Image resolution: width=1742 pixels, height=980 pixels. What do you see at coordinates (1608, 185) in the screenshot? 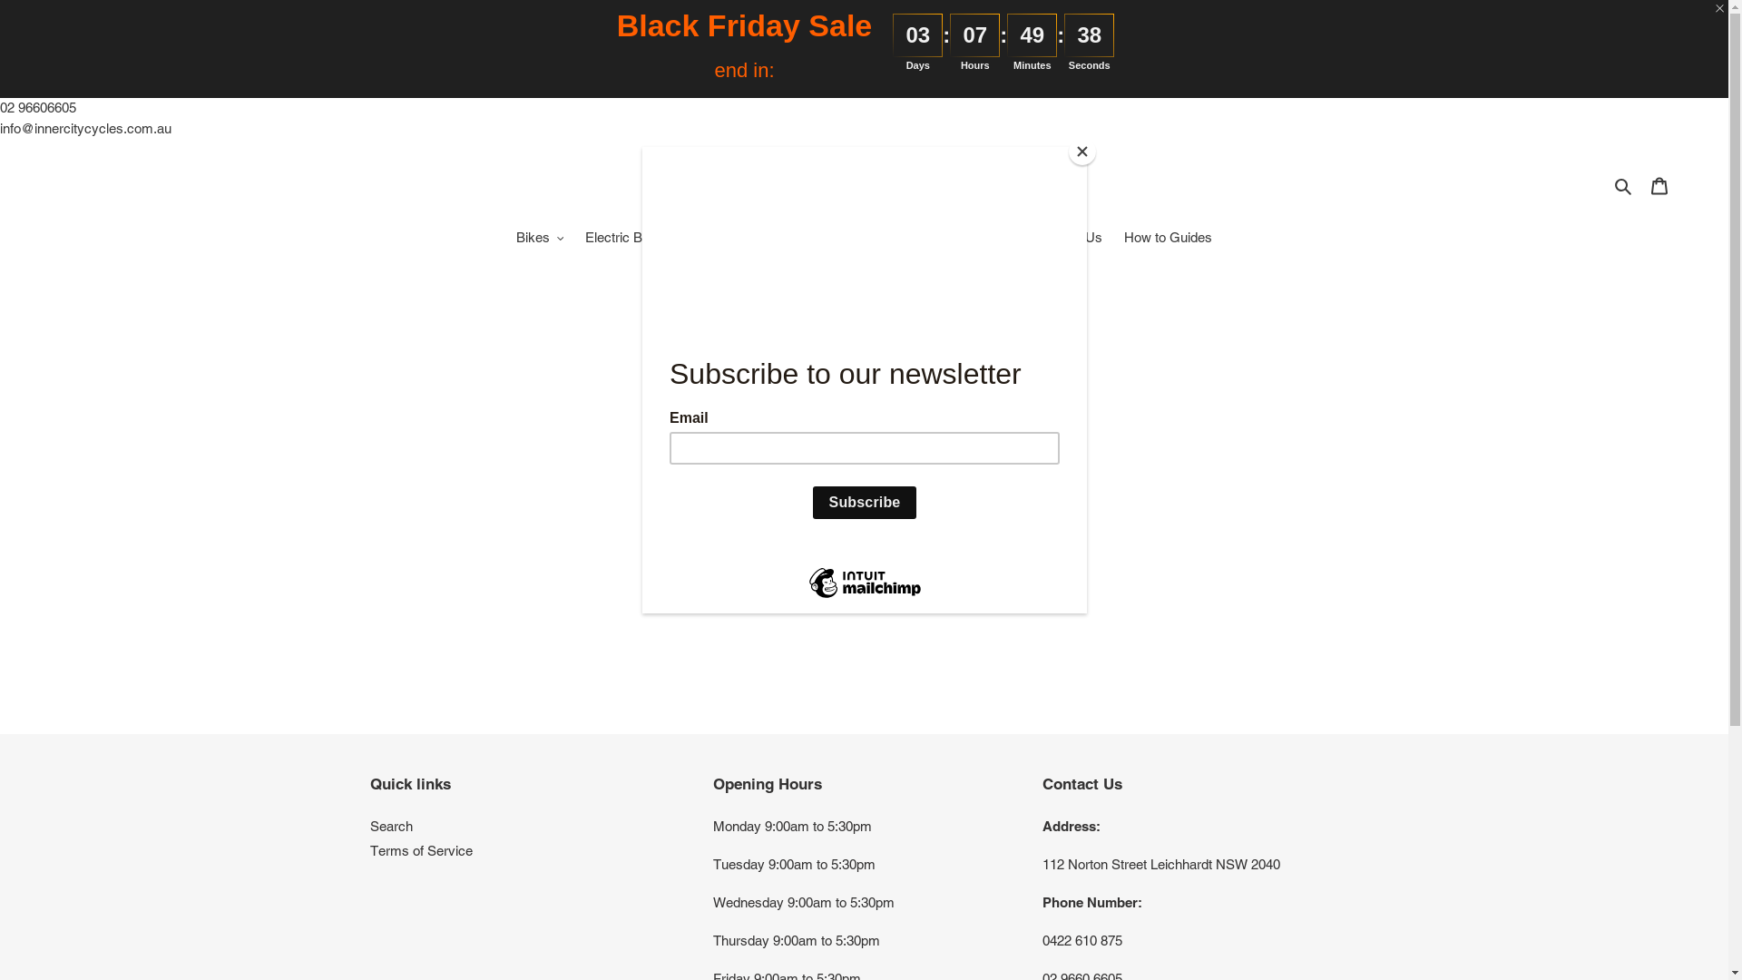
I see `'Search'` at bounding box center [1608, 185].